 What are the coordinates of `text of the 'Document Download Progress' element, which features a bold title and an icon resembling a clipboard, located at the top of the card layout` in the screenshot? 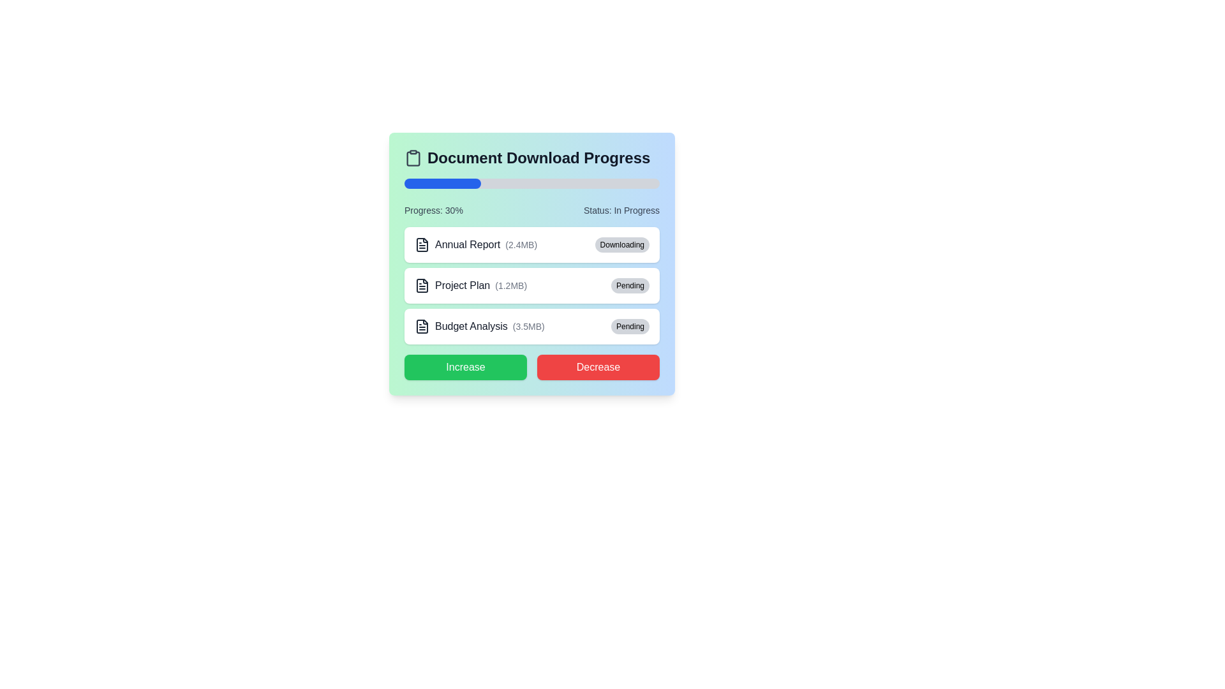 It's located at (532, 157).